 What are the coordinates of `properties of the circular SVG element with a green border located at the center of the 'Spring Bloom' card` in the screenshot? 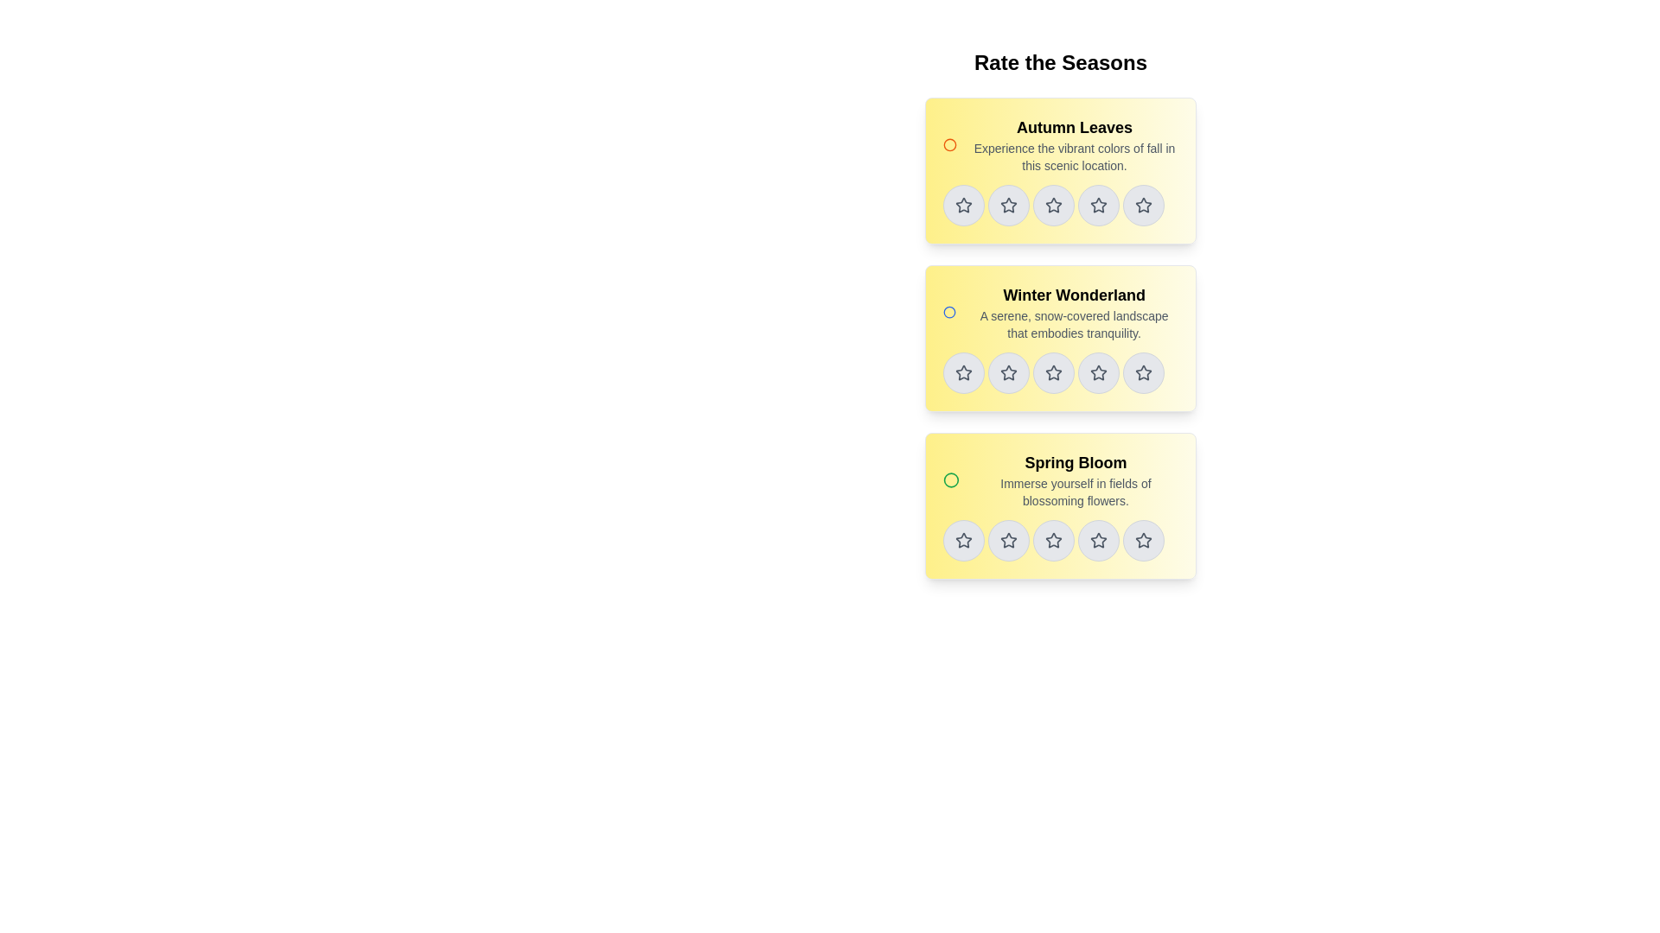 It's located at (950, 479).